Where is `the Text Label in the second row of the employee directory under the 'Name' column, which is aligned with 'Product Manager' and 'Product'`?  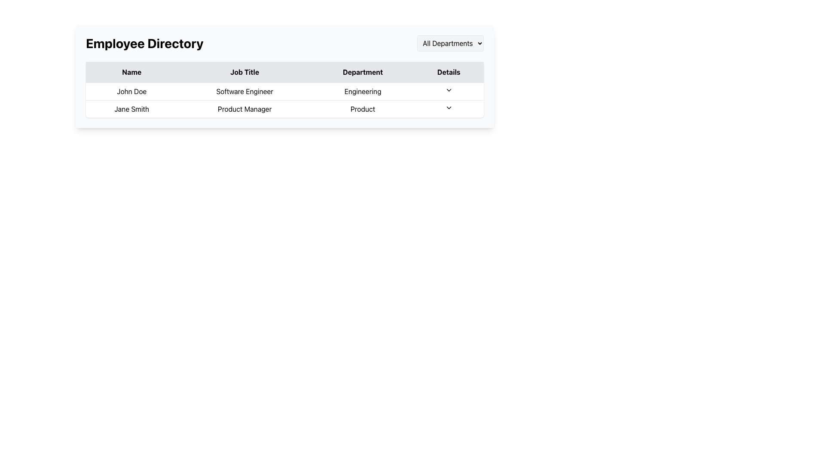 the Text Label in the second row of the employee directory under the 'Name' column, which is aligned with 'Product Manager' and 'Product' is located at coordinates (131, 108).